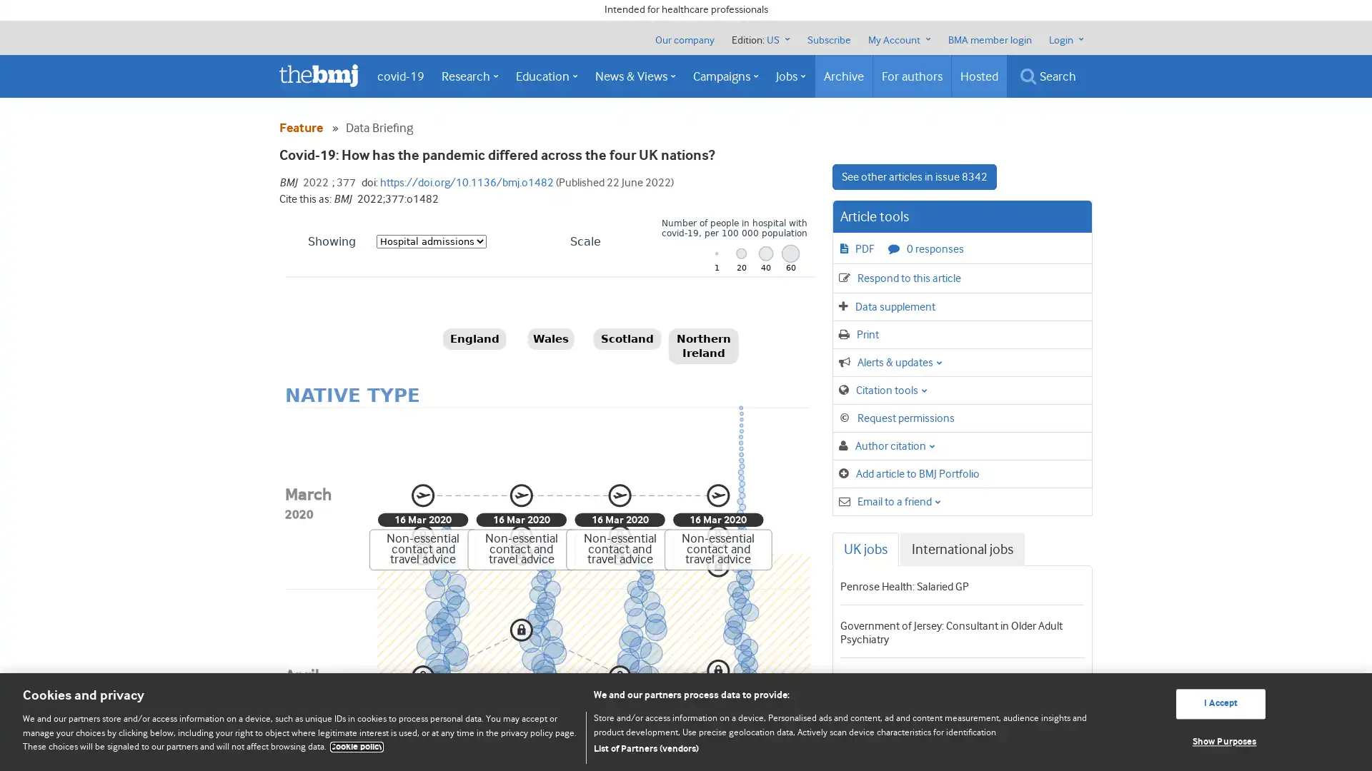  What do you see at coordinates (1220, 703) in the screenshot?
I see `I Accept` at bounding box center [1220, 703].